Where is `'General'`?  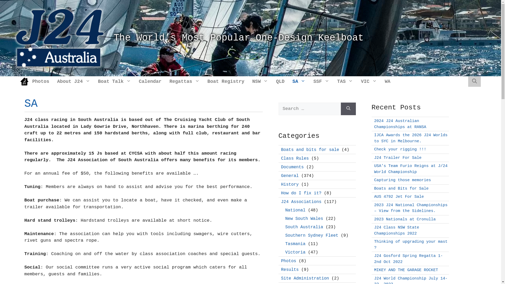 'General' is located at coordinates (289, 176).